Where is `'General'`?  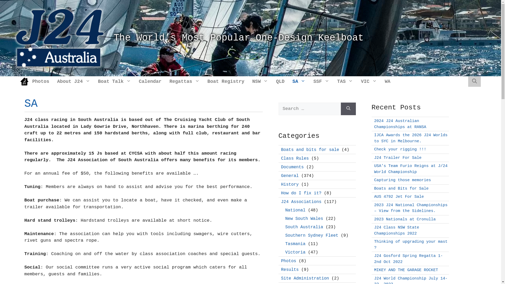 'General' is located at coordinates (289, 176).